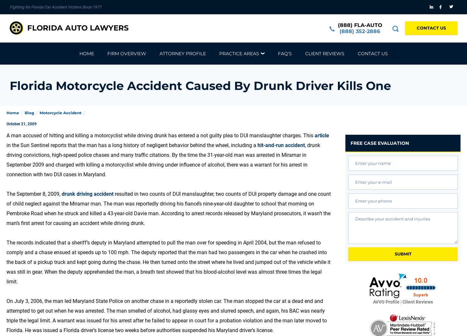  Describe the element at coordinates (126, 53) in the screenshot. I see `'Firm Overview'` at that location.